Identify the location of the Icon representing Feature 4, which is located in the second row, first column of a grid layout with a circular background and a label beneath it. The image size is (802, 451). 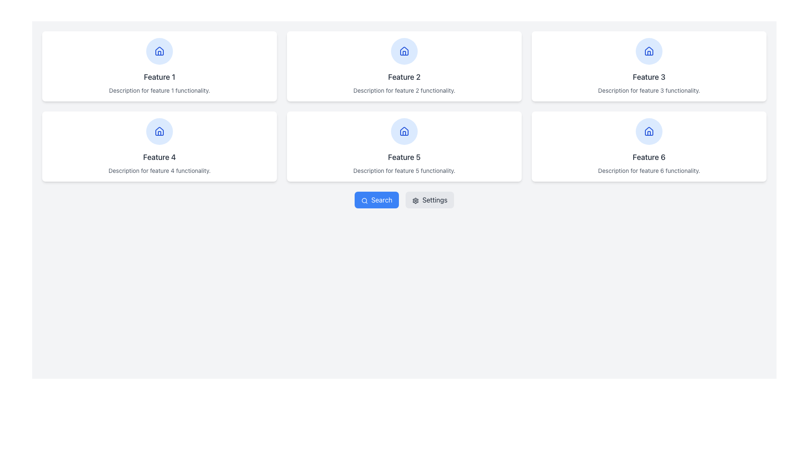
(160, 132).